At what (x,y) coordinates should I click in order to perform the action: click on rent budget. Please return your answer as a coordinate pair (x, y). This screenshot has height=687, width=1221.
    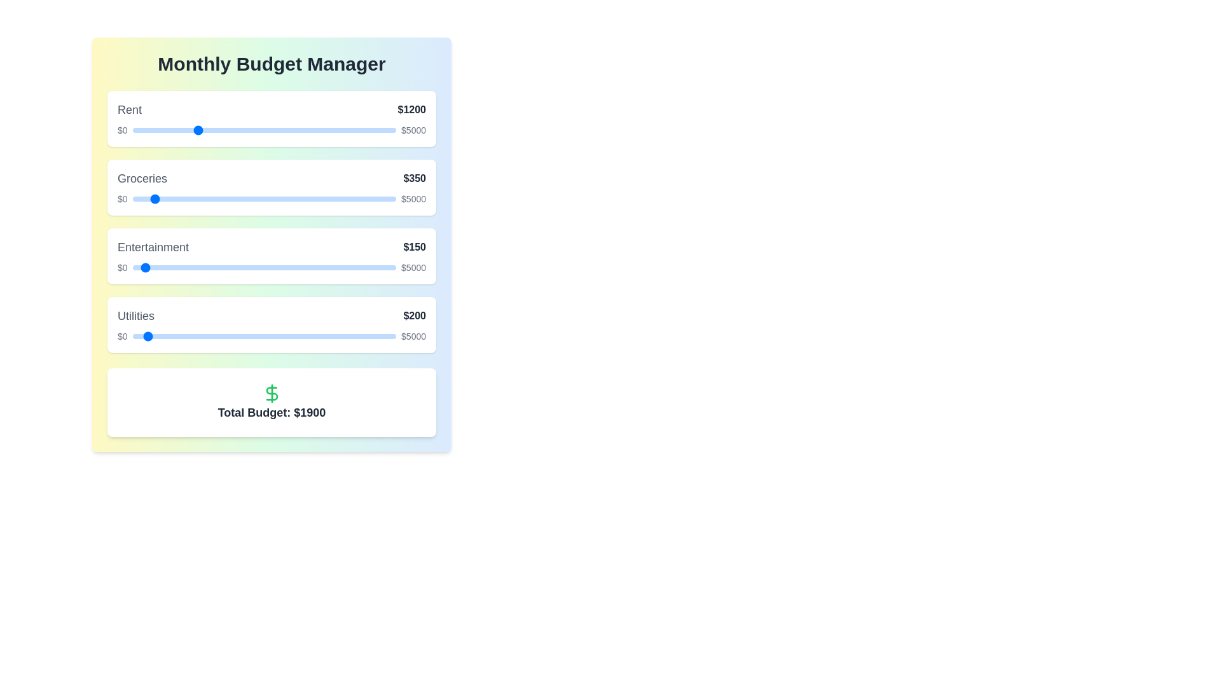
    Looking at the image, I should click on (214, 130).